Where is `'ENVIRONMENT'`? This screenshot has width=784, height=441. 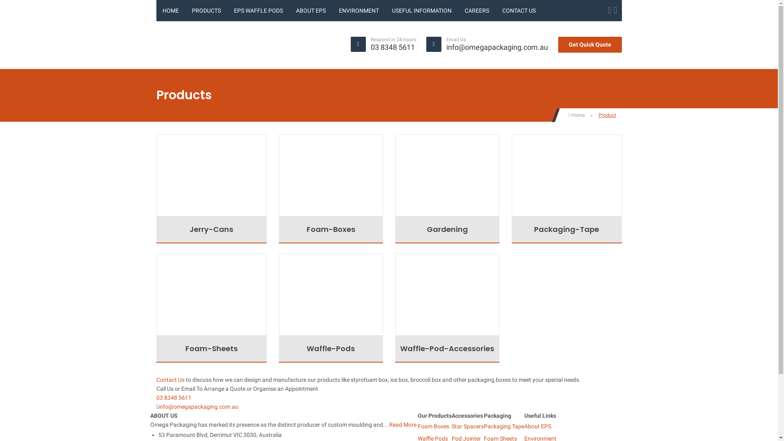
'ENVIRONMENT' is located at coordinates (359, 11).